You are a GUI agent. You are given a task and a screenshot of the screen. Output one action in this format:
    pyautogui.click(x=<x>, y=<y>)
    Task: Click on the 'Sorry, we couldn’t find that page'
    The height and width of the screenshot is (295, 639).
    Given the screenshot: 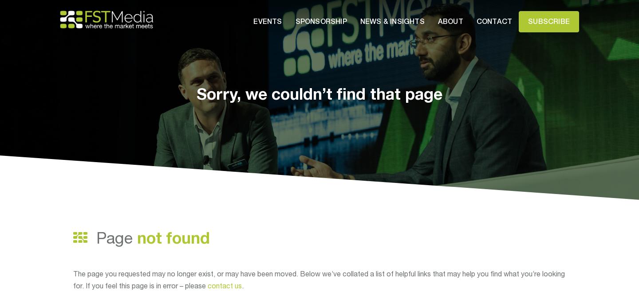 What is the action you would take?
    pyautogui.click(x=319, y=93)
    